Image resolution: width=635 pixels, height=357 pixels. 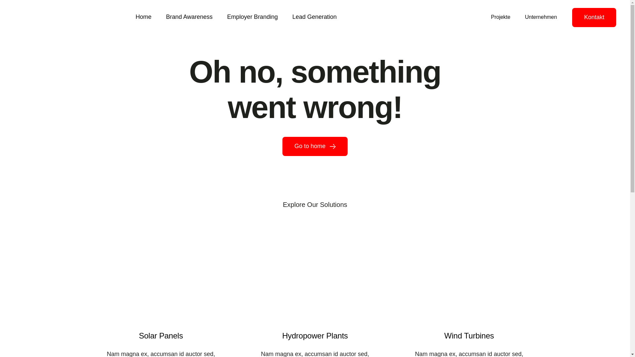 I want to click on 'Projekte', so click(x=500, y=17).